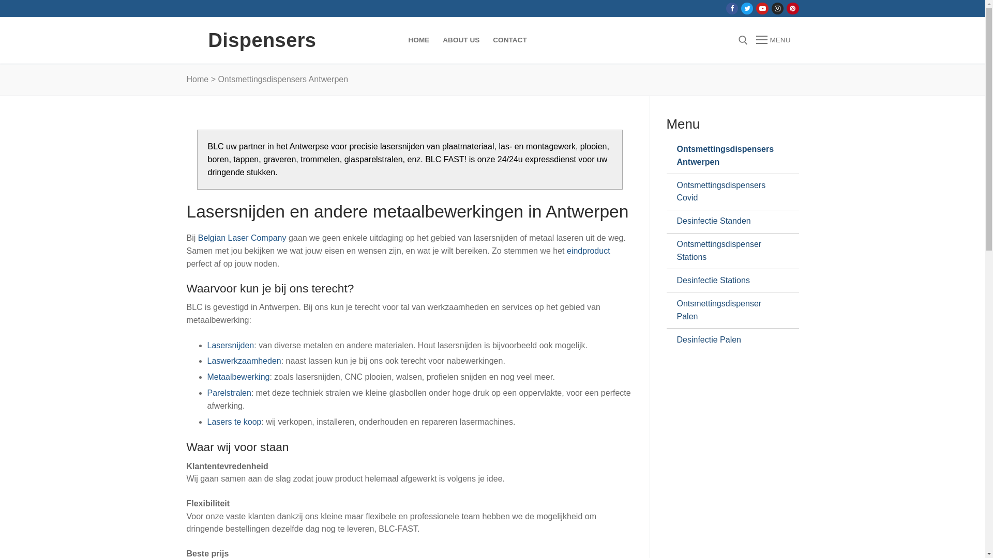  I want to click on 'Ontsmettingsdispenser Stations', so click(727, 251).